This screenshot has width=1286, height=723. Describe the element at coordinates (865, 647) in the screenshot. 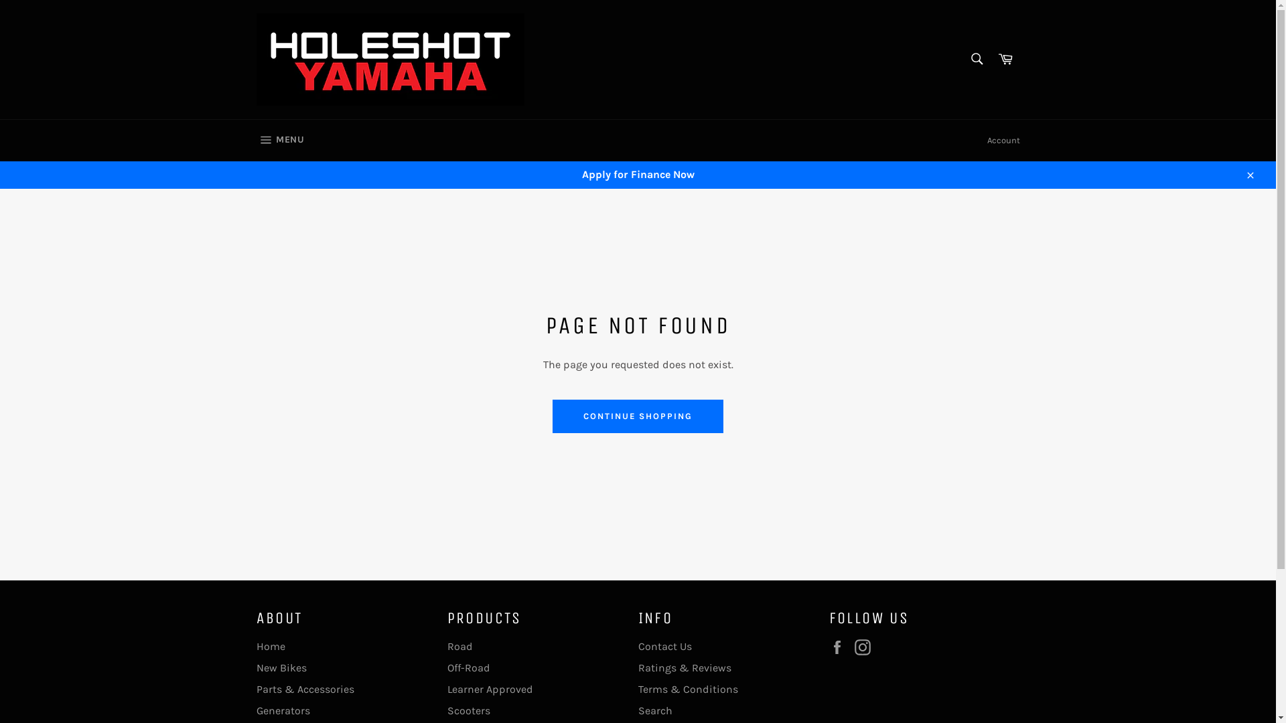

I see `'Instagram'` at that location.